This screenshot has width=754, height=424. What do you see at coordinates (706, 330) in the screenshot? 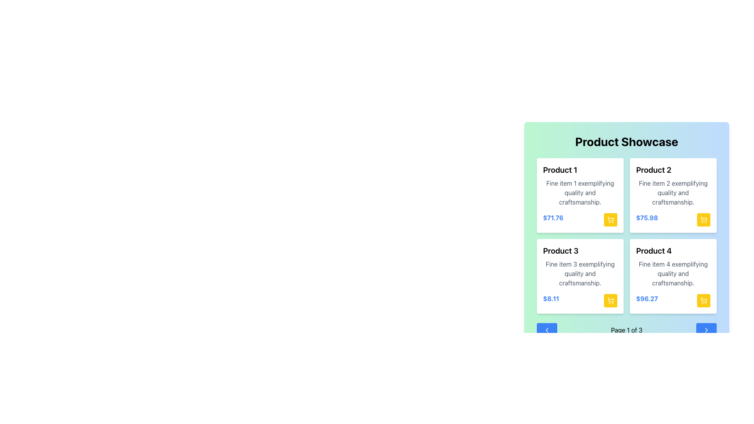
I see `the chevron icon button located at the bottom-right corner of the interface` at bounding box center [706, 330].